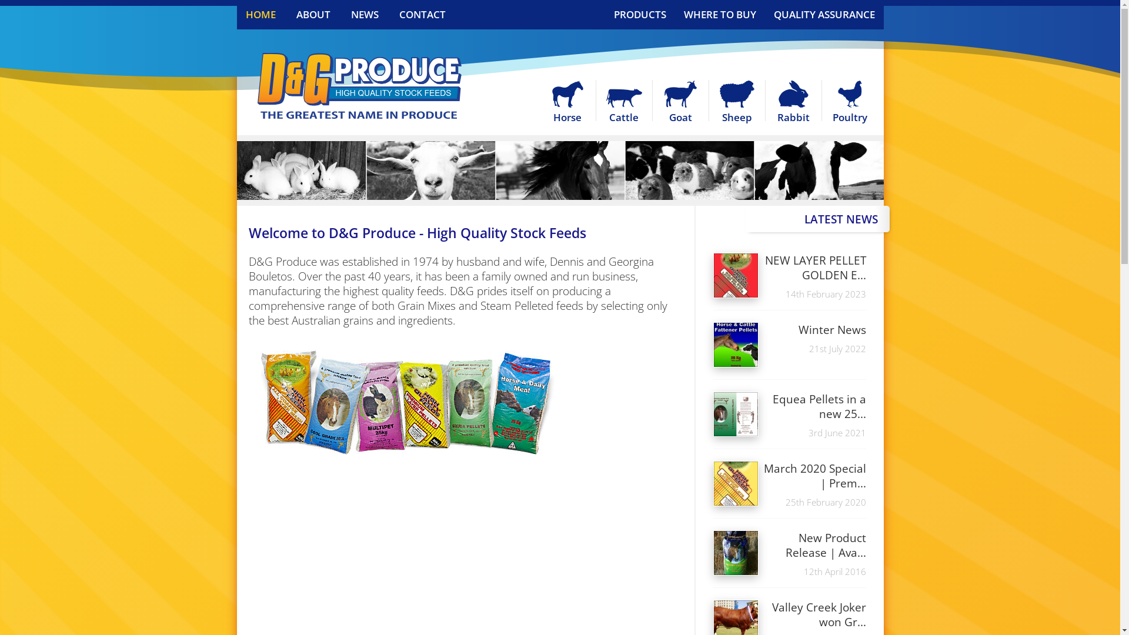 Image resolution: width=1129 pixels, height=635 pixels. I want to click on 'Poultry', so click(850, 102).